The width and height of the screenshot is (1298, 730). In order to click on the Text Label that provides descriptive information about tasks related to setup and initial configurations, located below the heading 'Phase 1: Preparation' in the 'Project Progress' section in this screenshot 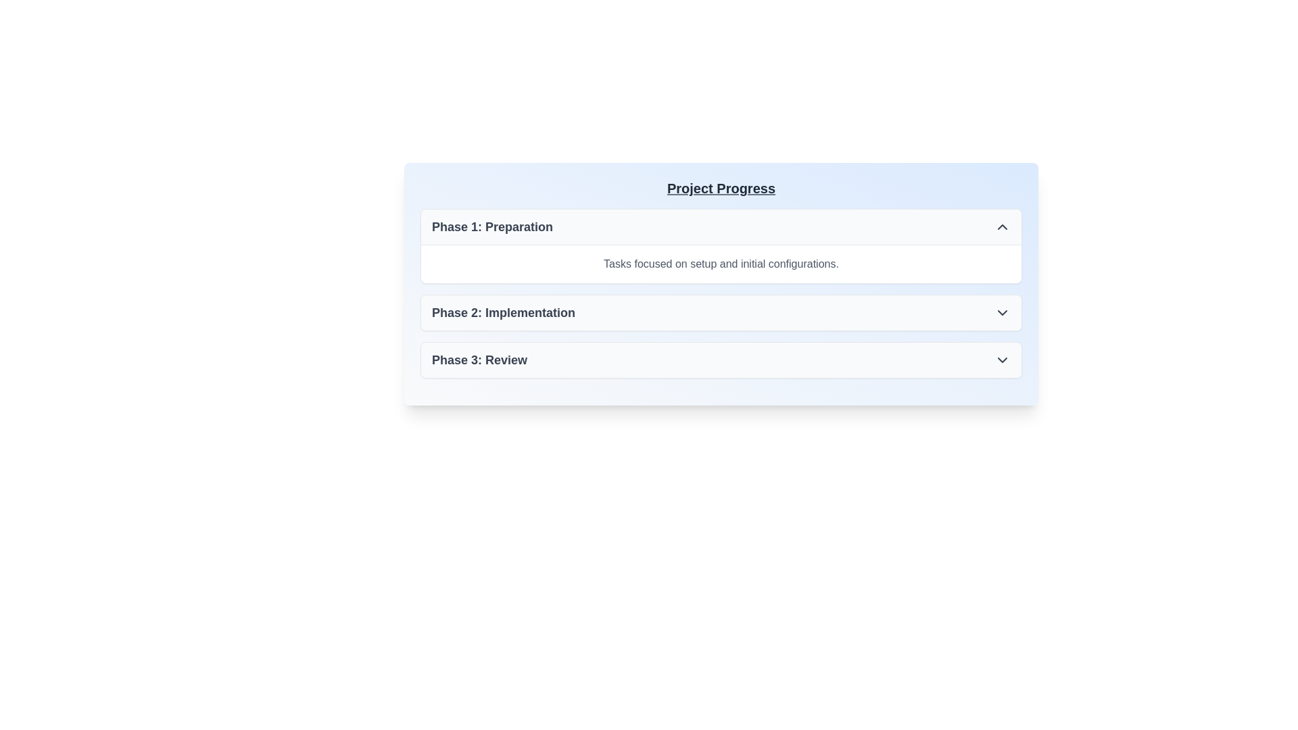, I will do `click(720, 264)`.